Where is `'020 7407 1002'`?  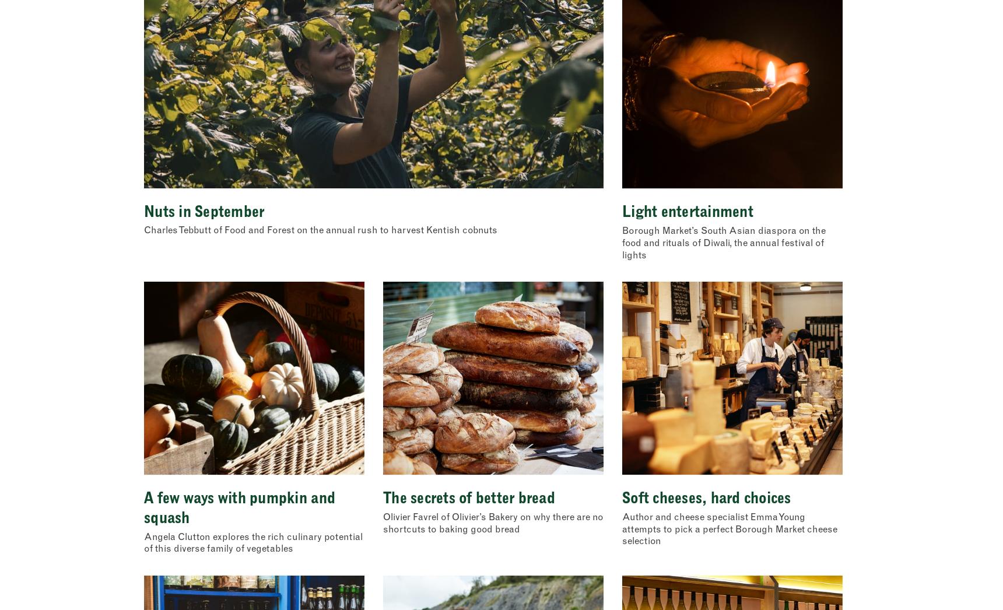
'020 7407 1002' is located at coordinates (172, 383).